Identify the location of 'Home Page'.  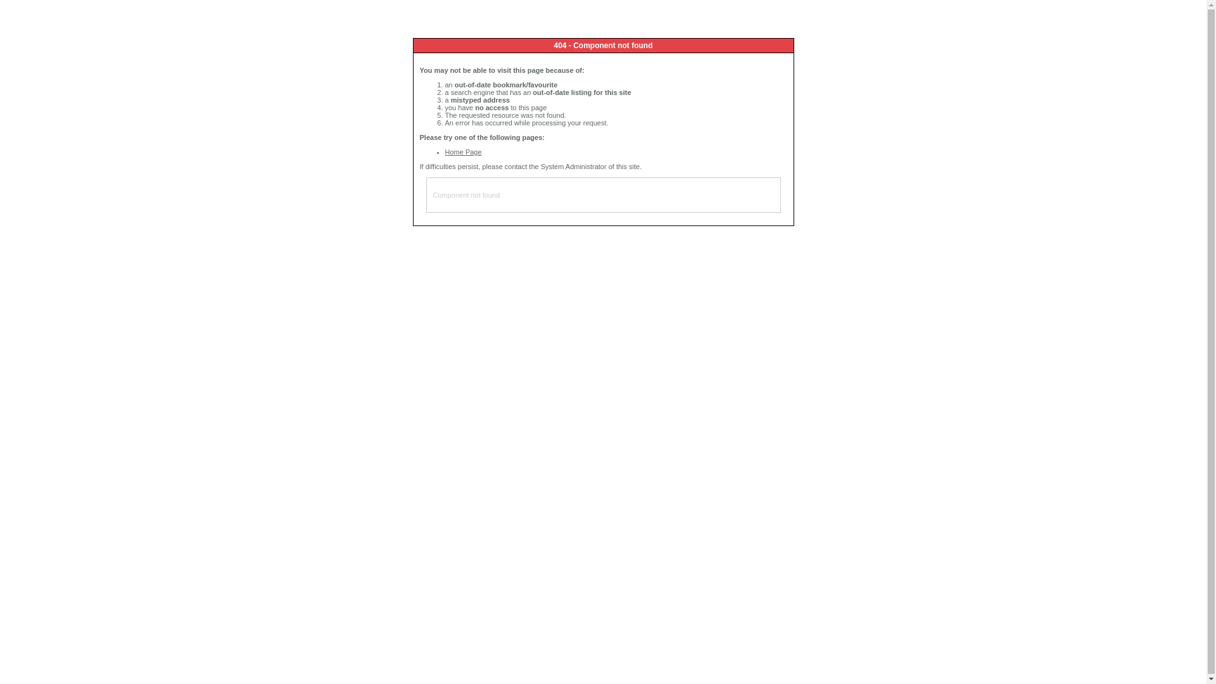
(444, 151).